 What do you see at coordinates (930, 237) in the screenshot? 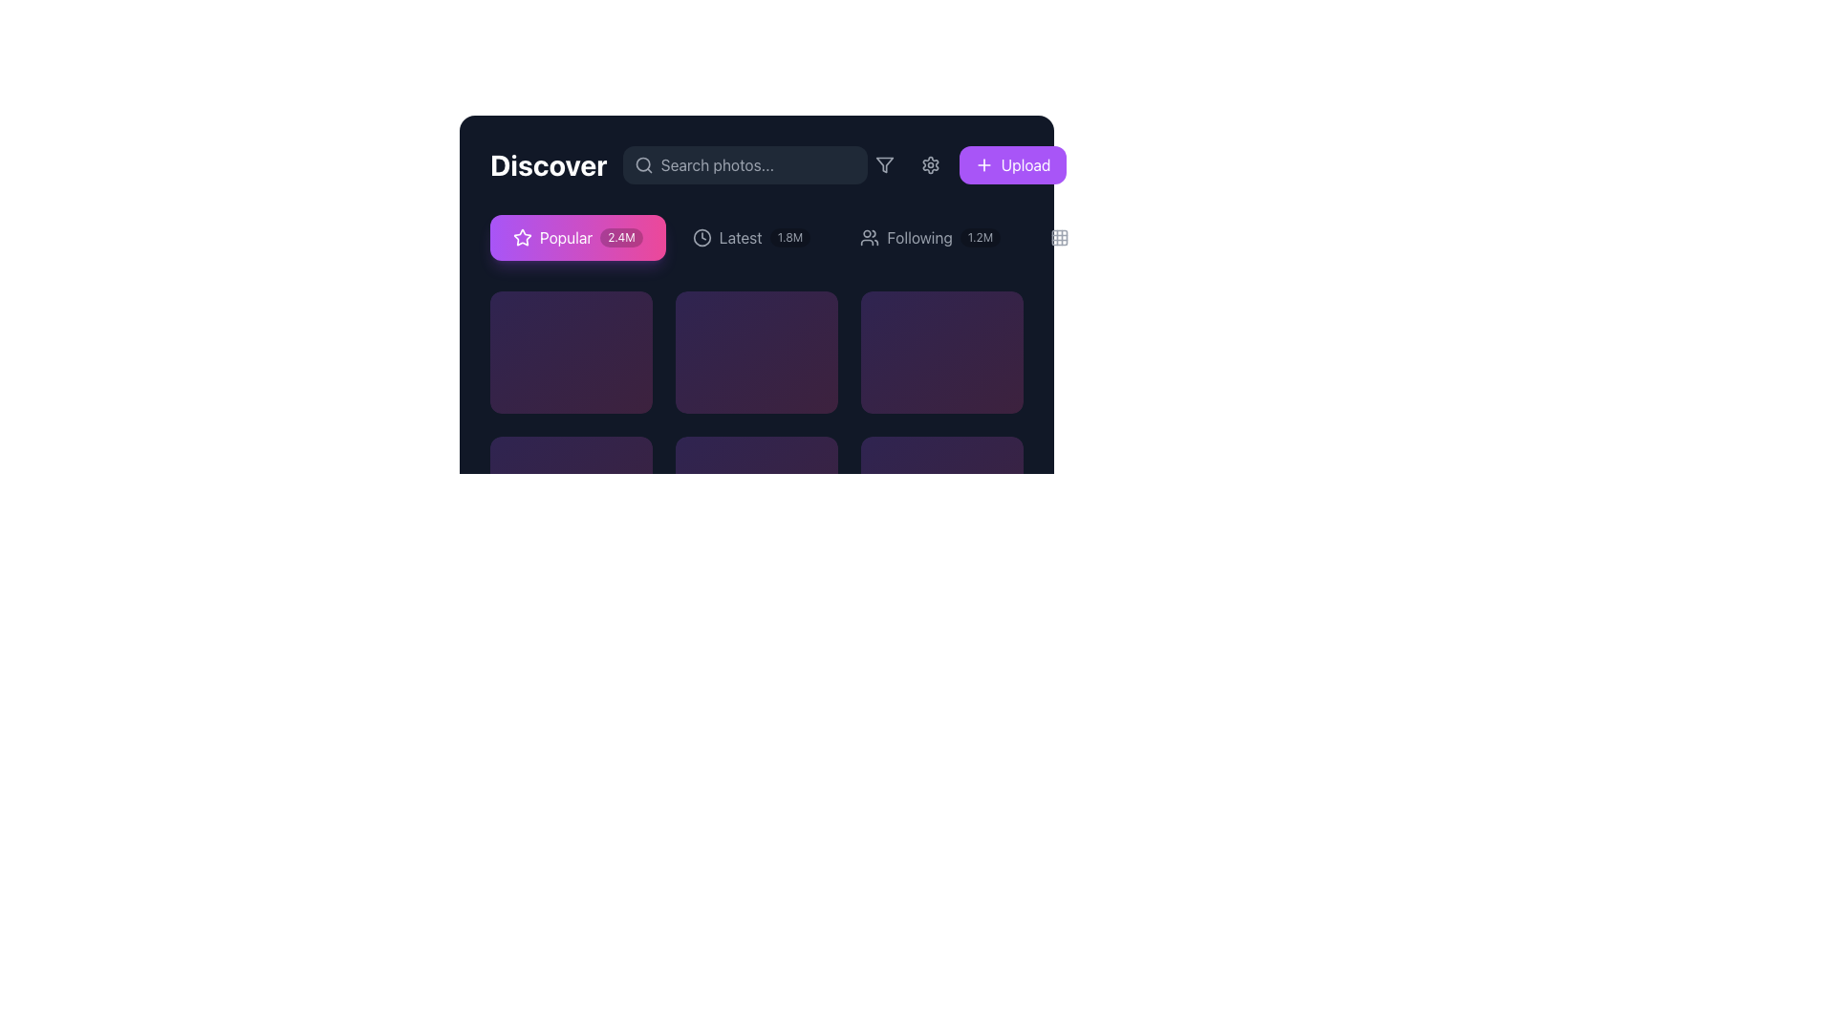
I see `the 'Following' button, which is a dark-themed rectangular button with a user icon and a badge indicating '1.2M', located between the 'Latest' and 'Collections' buttons in the top bar` at bounding box center [930, 237].